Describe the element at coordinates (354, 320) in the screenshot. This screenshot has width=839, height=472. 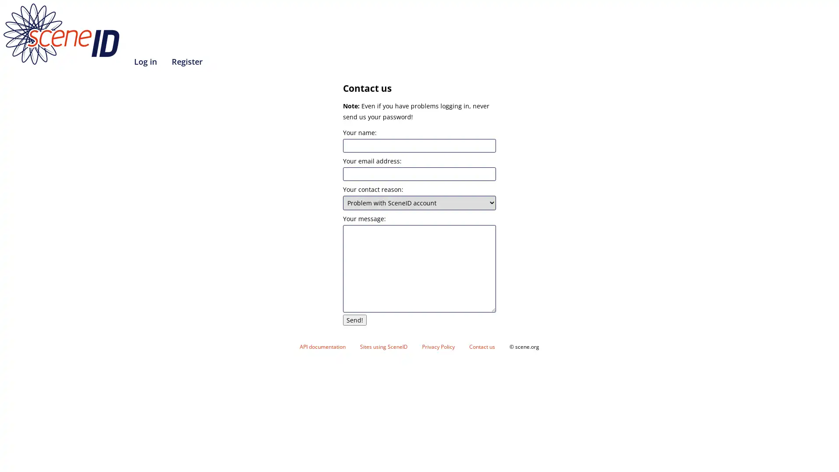
I see `Send!` at that location.